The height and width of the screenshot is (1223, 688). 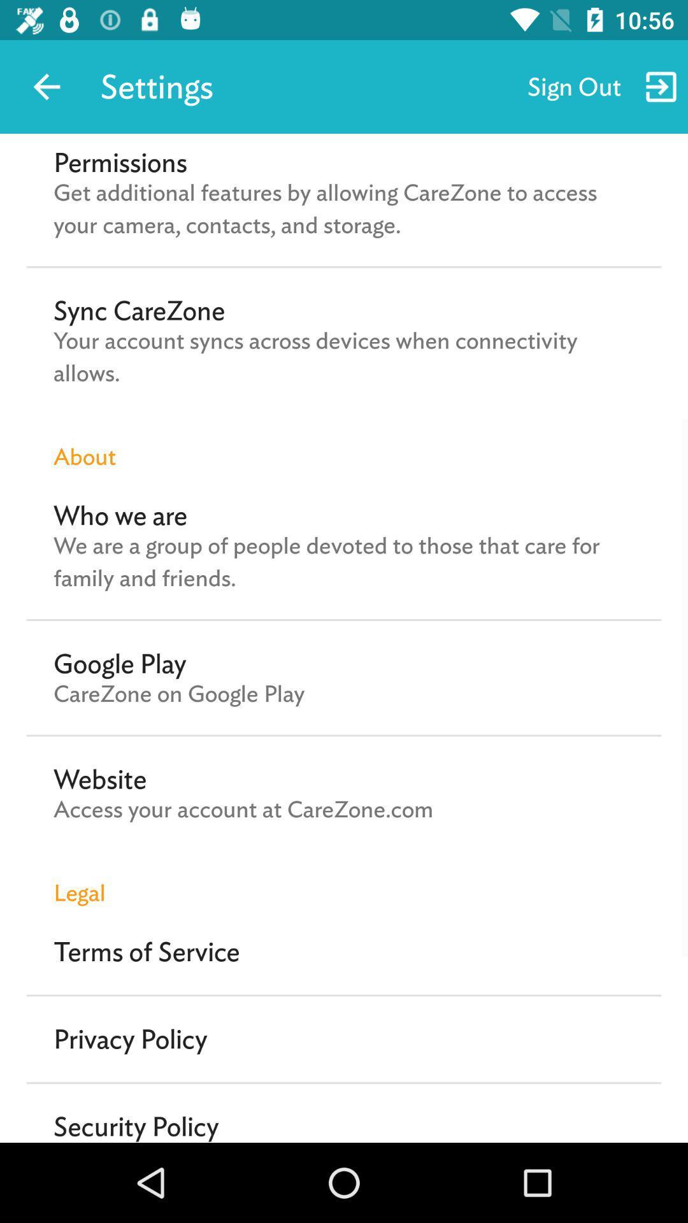 I want to click on go back, so click(x=46, y=86).